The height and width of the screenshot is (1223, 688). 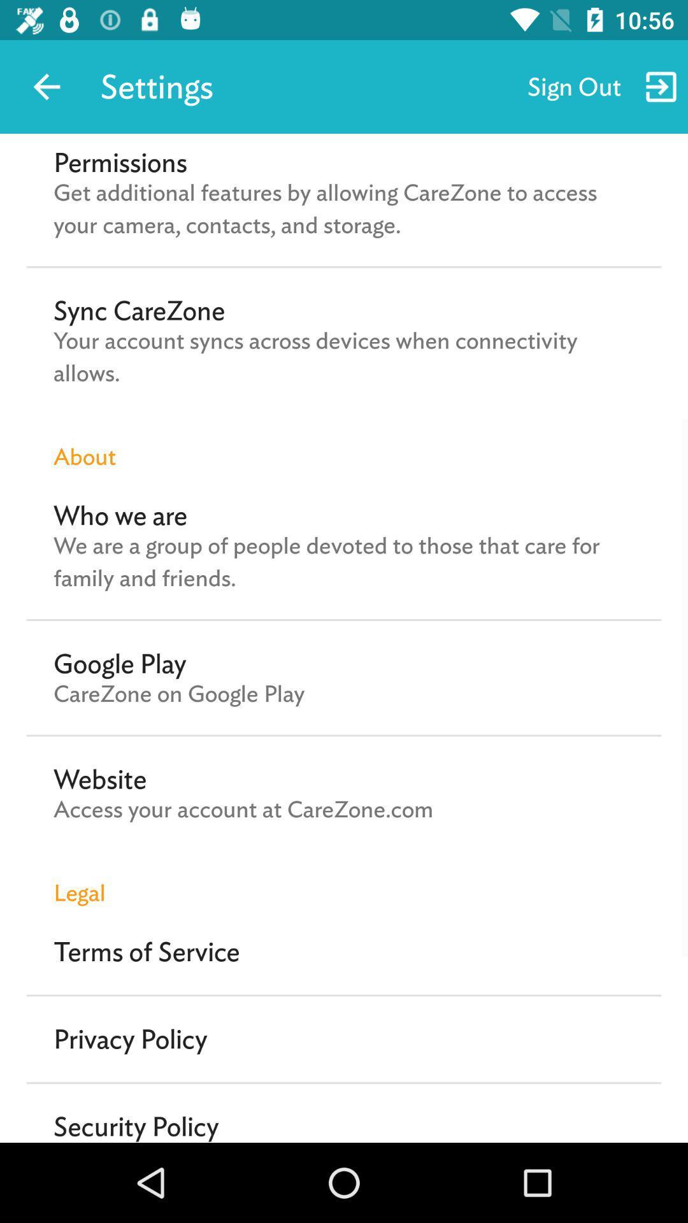 I want to click on go back, so click(x=46, y=86).